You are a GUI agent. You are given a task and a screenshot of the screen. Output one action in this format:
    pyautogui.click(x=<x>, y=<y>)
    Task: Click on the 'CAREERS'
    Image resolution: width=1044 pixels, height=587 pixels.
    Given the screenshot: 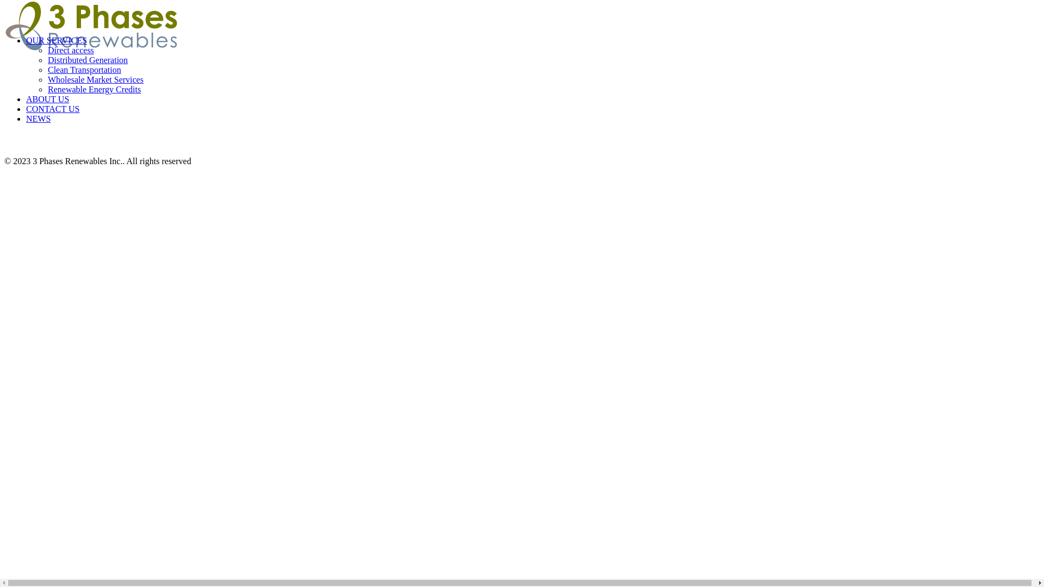 What is the action you would take?
    pyautogui.click(x=526, y=13)
    